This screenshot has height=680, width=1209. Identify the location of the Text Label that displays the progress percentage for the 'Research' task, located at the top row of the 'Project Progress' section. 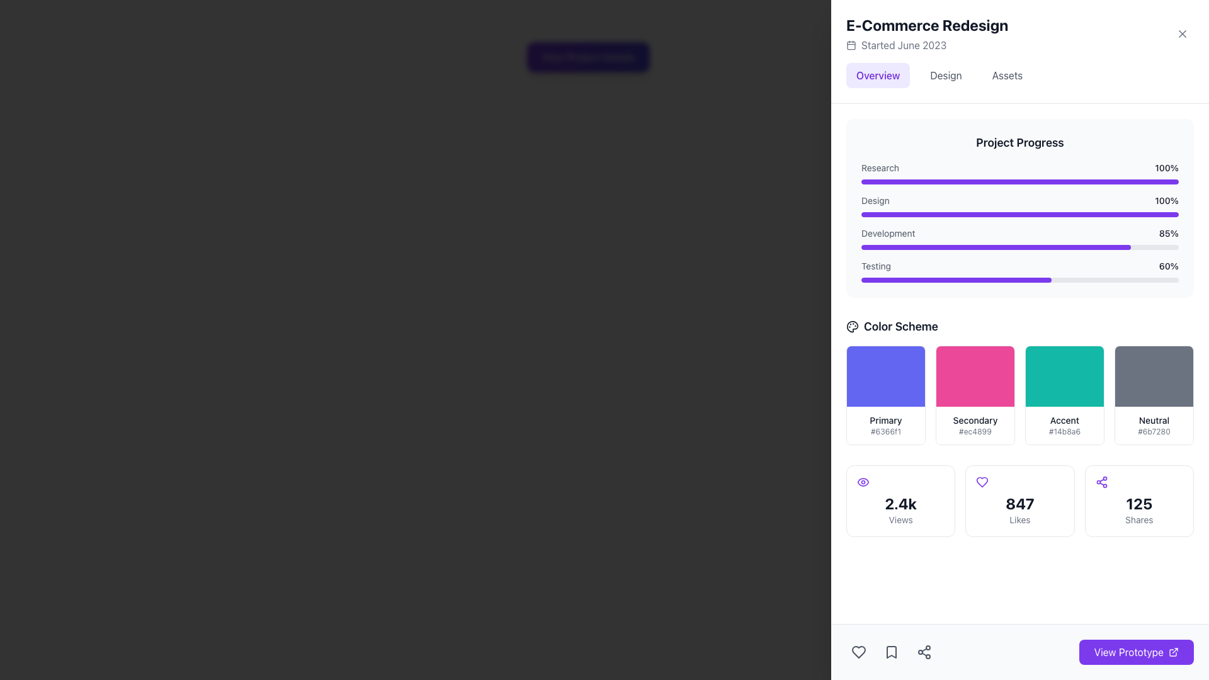
(1166, 167).